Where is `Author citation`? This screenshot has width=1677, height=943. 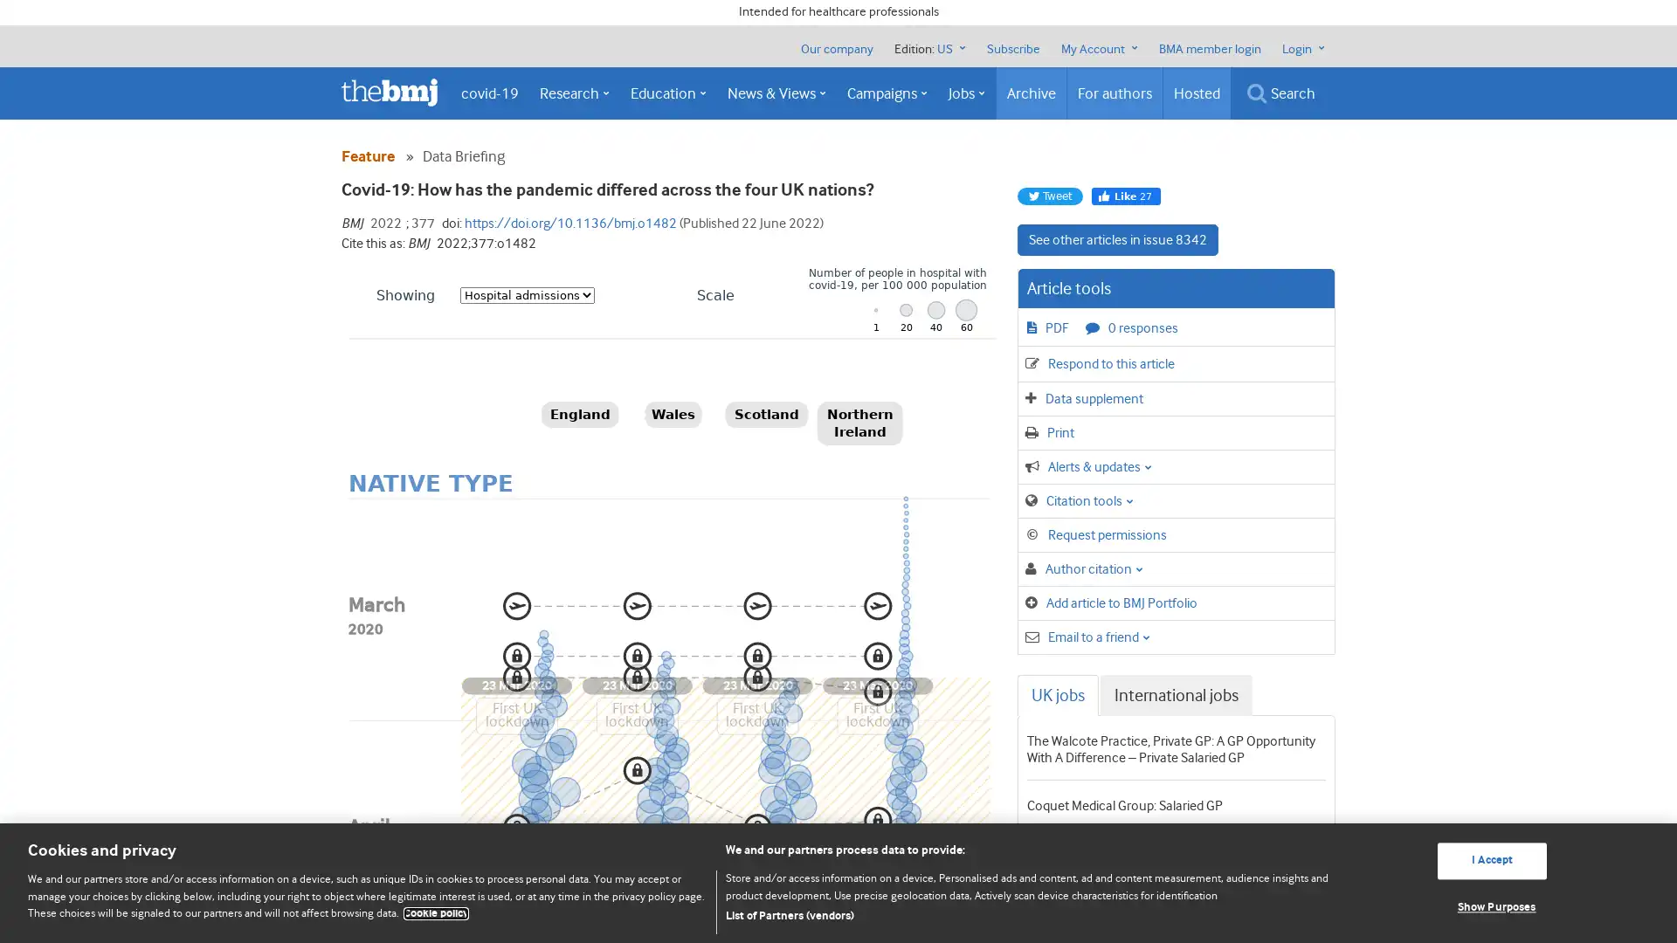
Author citation is located at coordinates (1092, 568).